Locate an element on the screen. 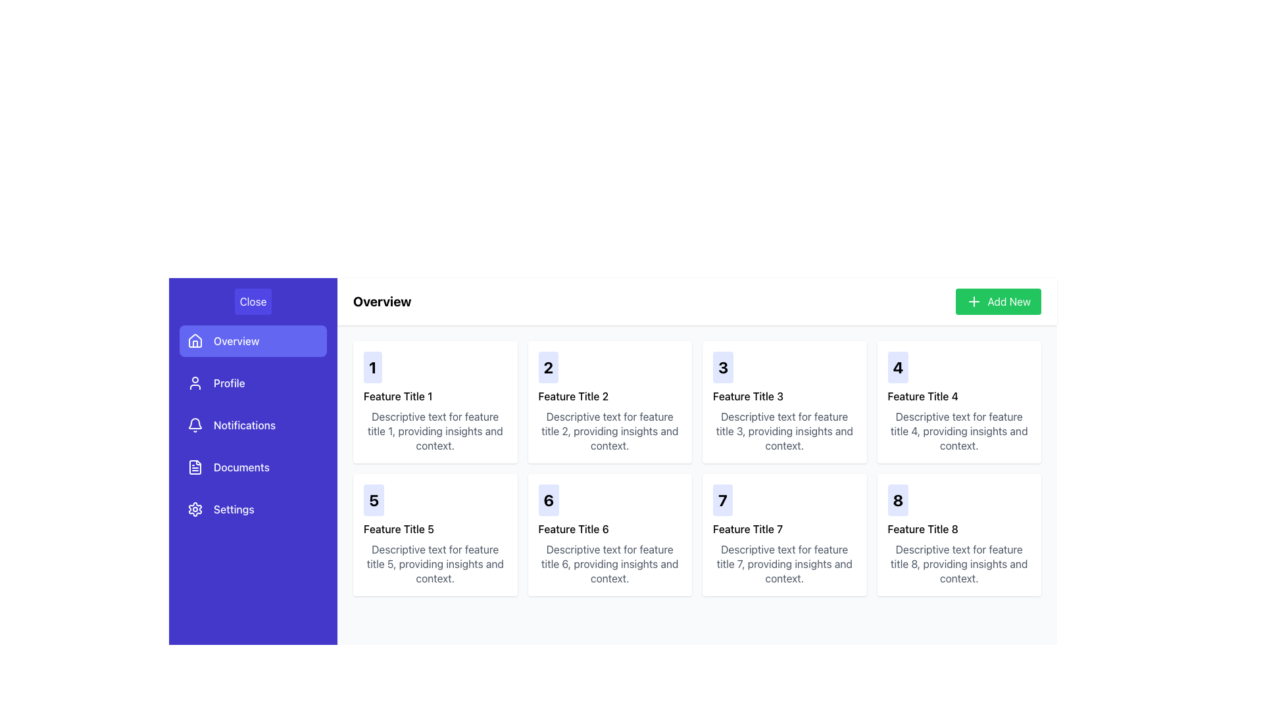 This screenshot has height=710, width=1263. the bell icon located in the sidebar menu next to the 'Notifications' text is located at coordinates (195, 425).